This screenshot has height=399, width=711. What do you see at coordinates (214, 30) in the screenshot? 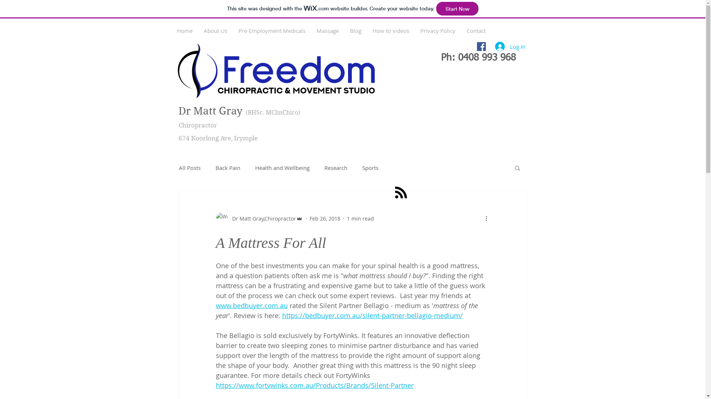
I see `'About Us'` at bounding box center [214, 30].